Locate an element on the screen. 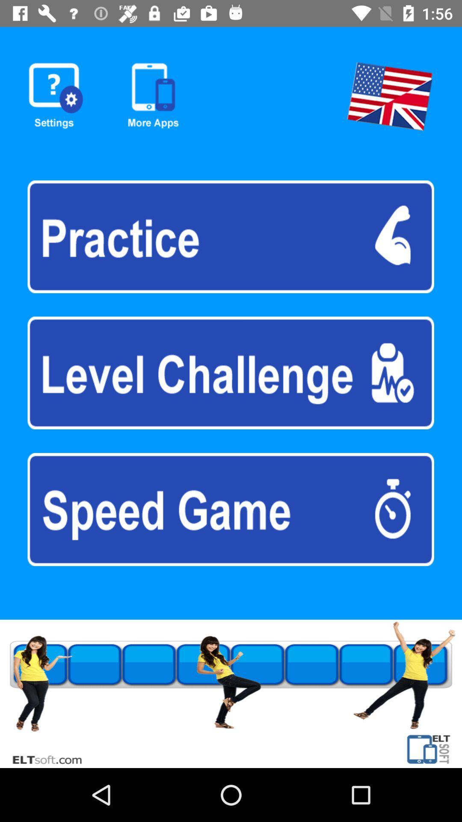 The width and height of the screenshot is (462, 822). settings is located at coordinates (56, 96).